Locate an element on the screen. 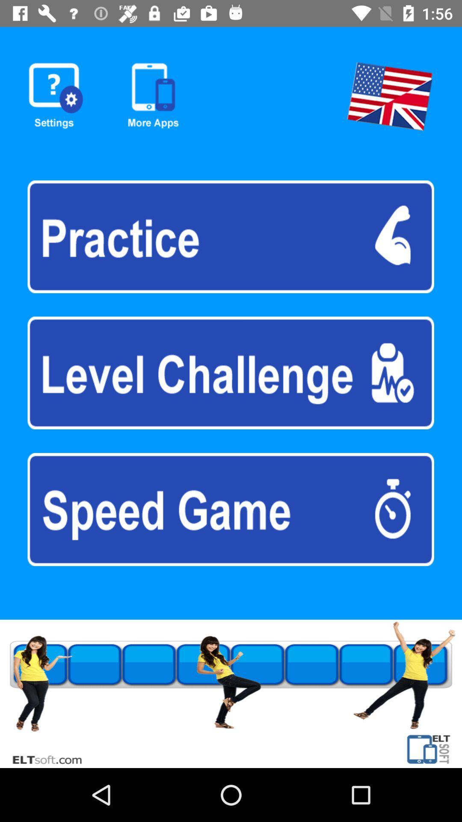 The width and height of the screenshot is (462, 822). settings is located at coordinates (56, 96).